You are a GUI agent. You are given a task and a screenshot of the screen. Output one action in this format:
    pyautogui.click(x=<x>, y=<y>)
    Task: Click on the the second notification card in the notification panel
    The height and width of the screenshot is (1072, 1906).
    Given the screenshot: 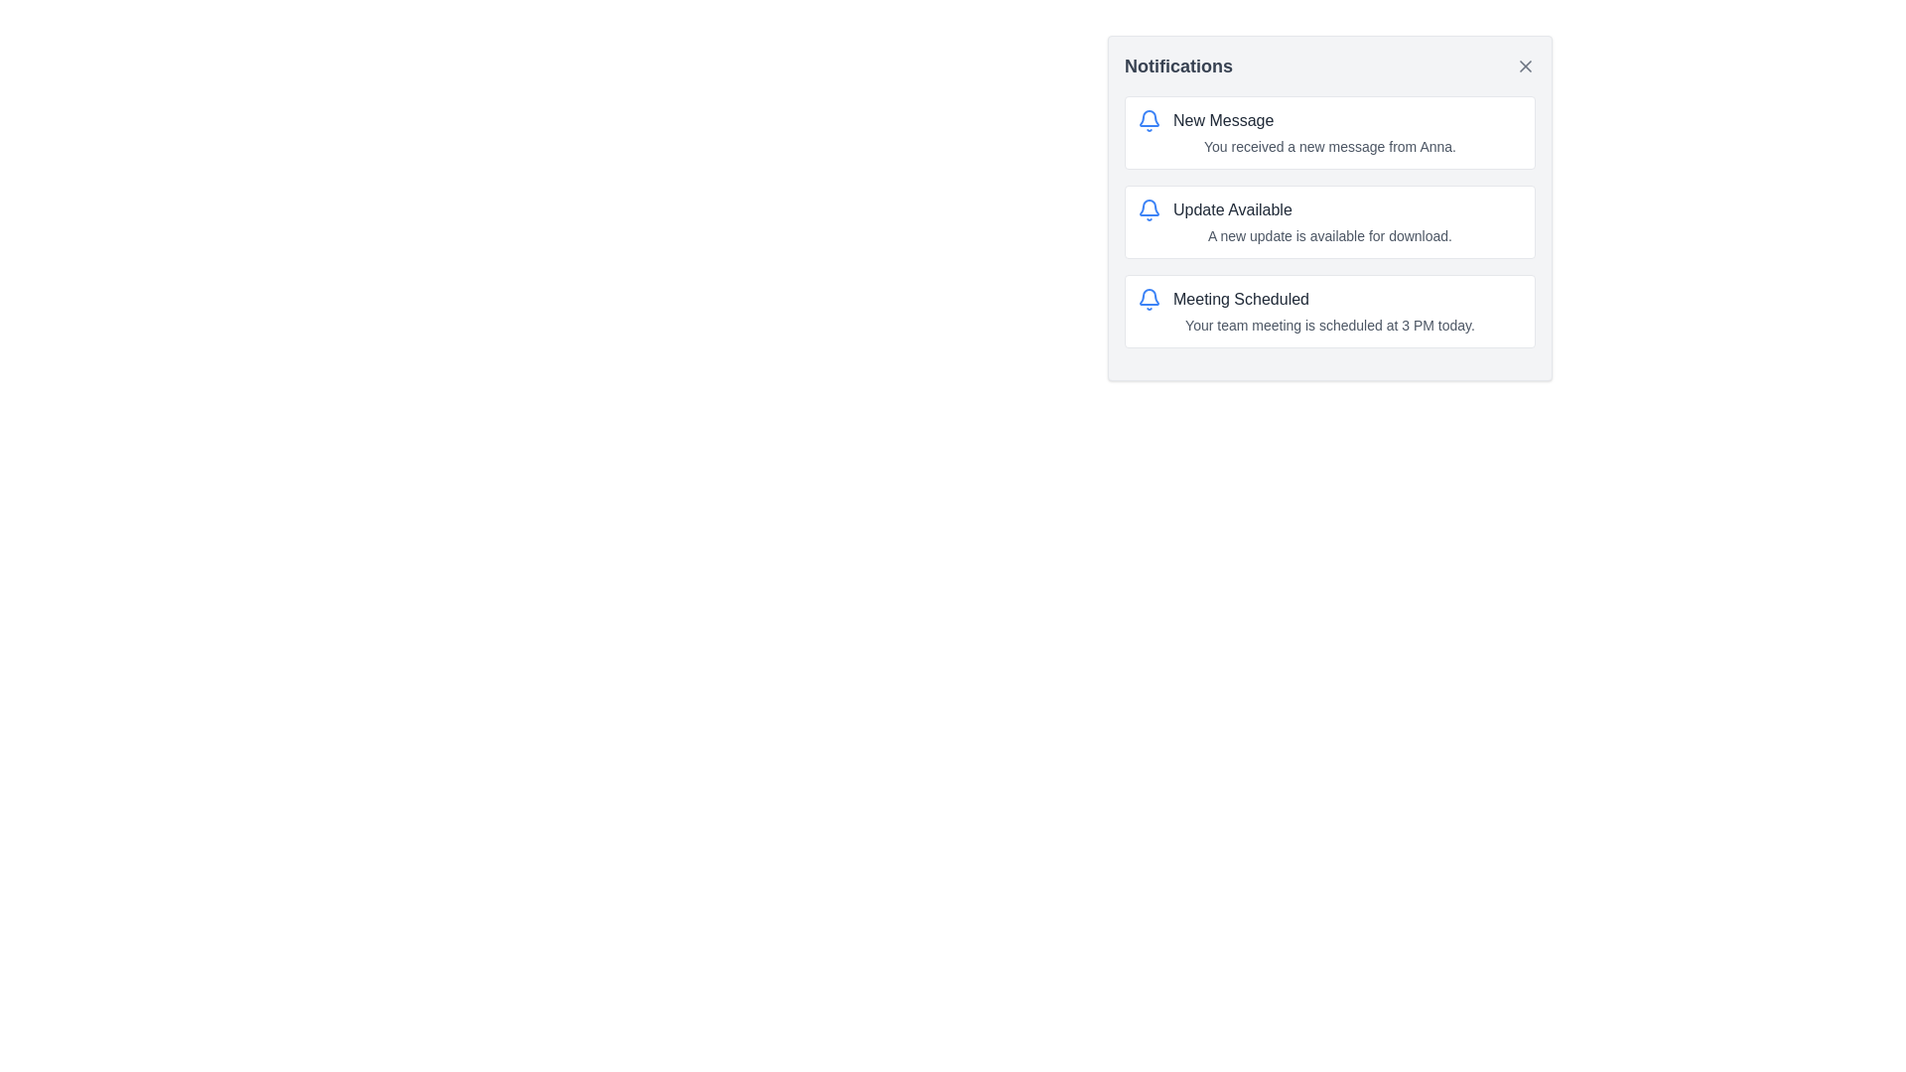 What is the action you would take?
    pyautogui.click(x=1329, y=221)
    